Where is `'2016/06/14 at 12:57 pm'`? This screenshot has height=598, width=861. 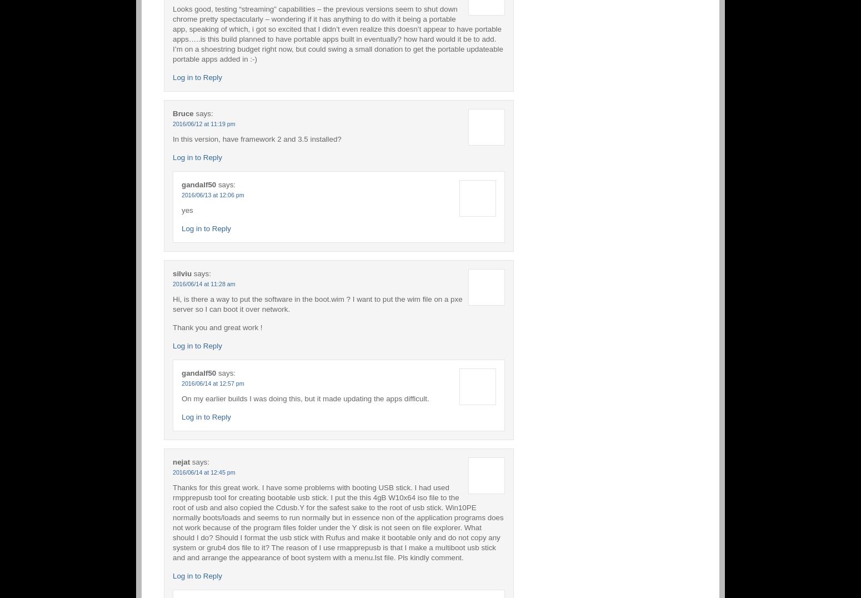
'2016/06/14 at 12:57 pm' is located at coordinates (181, 382).